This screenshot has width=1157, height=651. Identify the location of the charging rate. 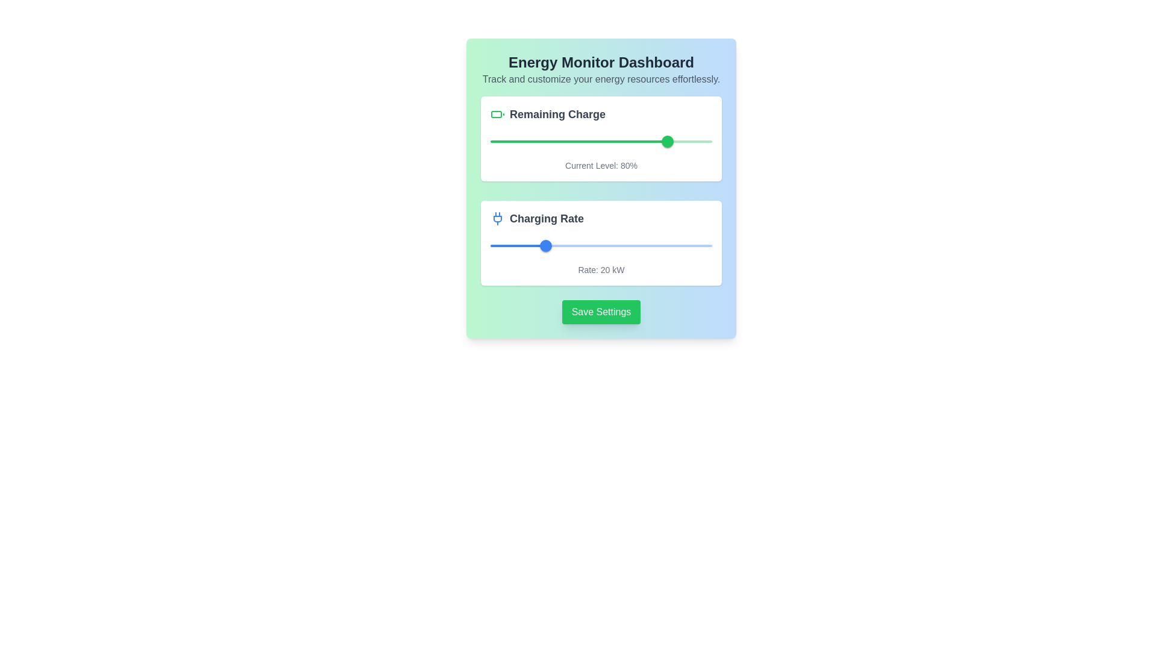
(648, 245).